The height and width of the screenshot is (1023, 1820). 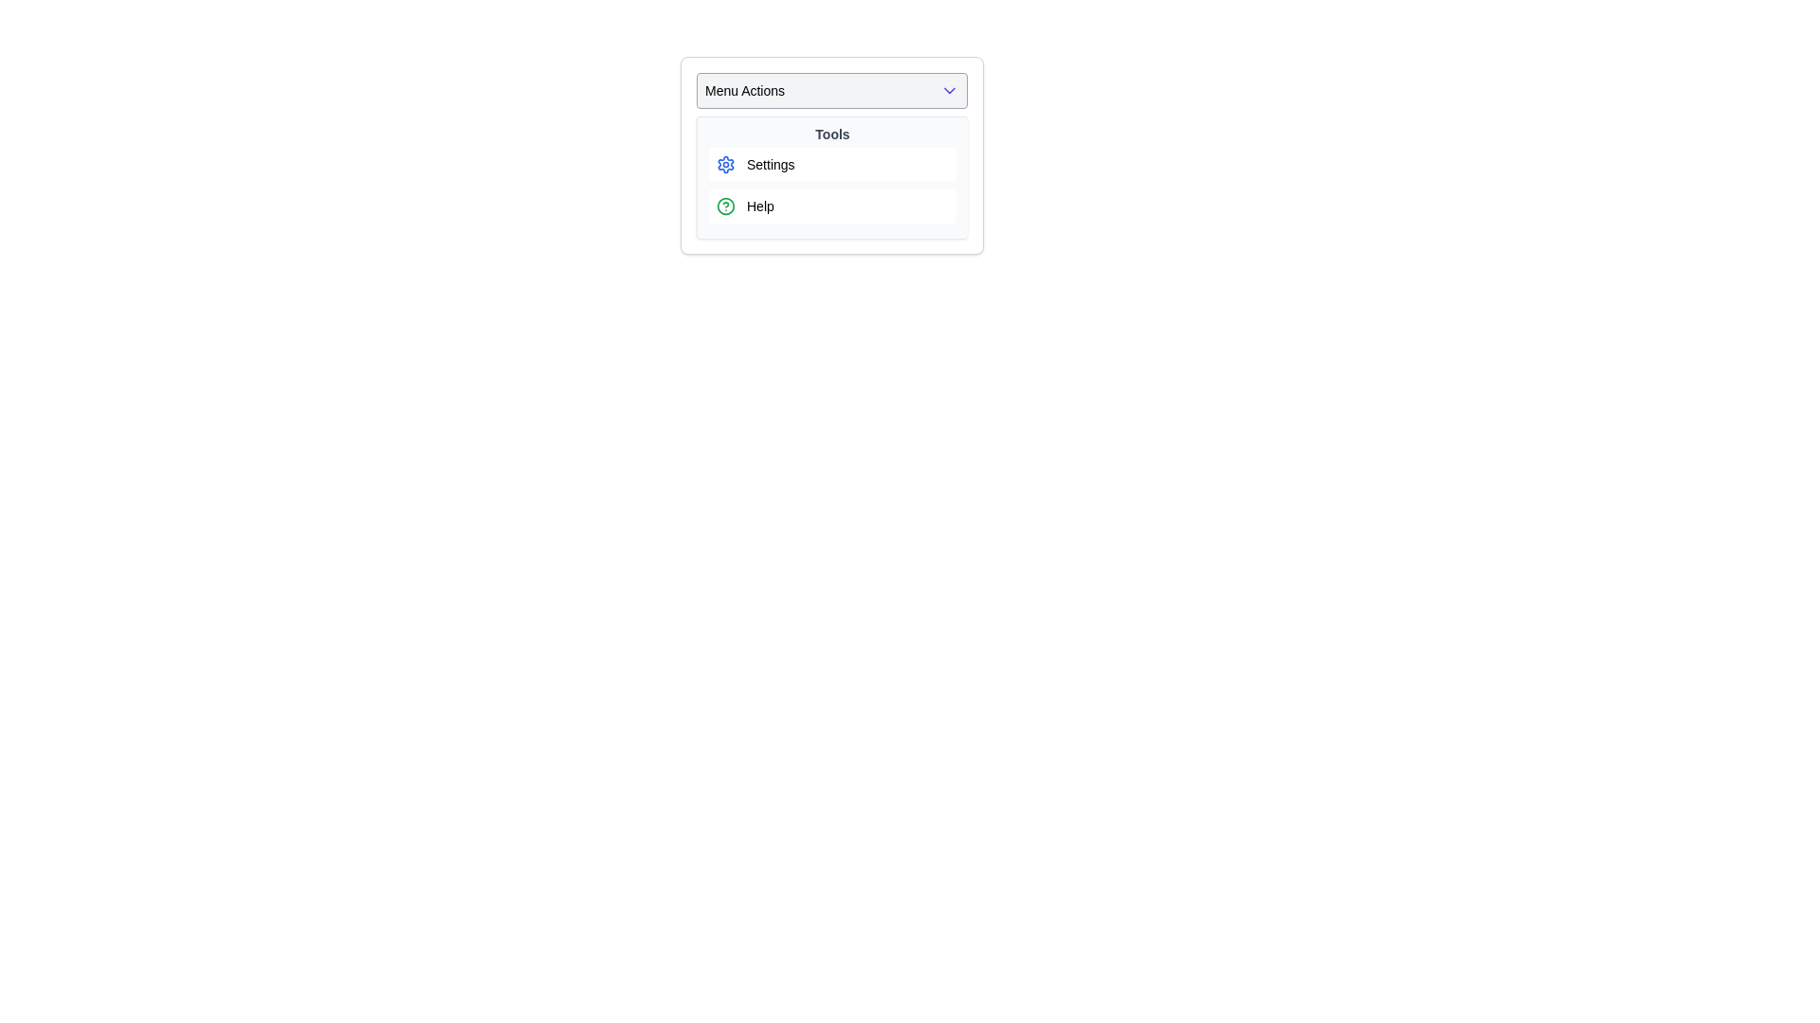 I want to click on the indigo downward-facing arrow icon, which is styled as a chevron and located to the right of the 'Menu Actions' text label, so click(x=950, y=91).